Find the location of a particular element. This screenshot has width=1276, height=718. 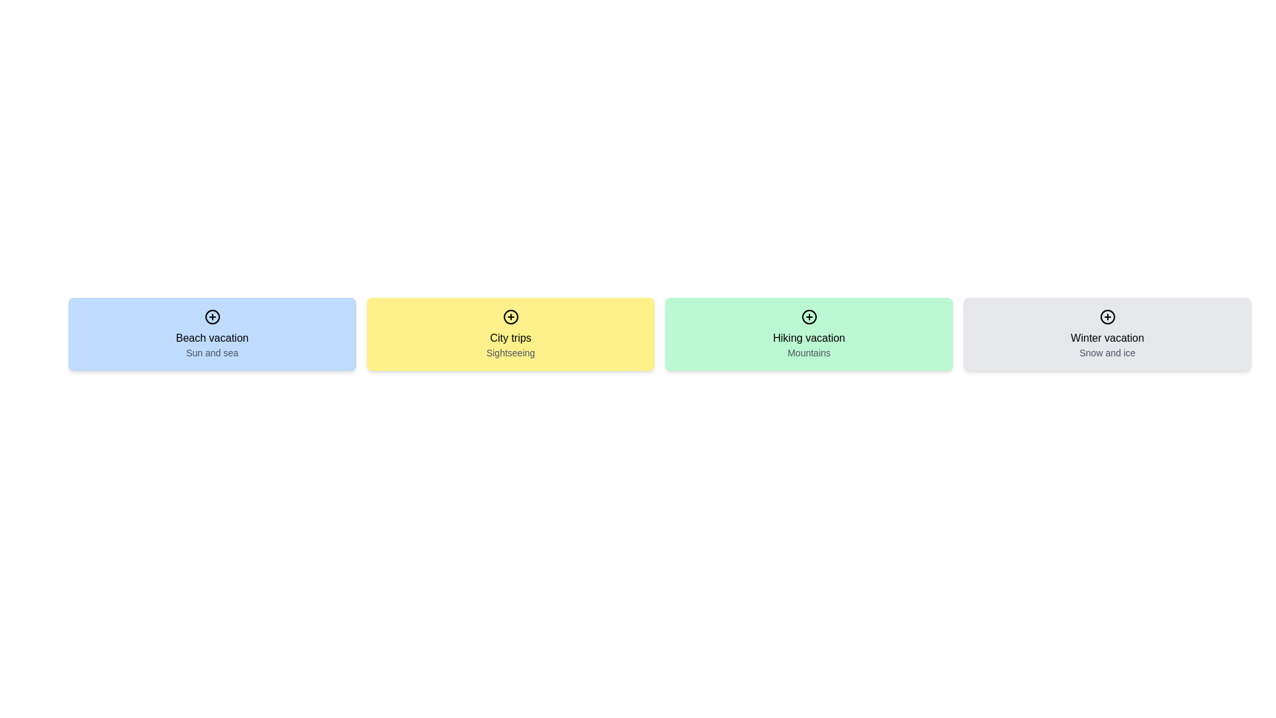

the 'City trips' static text label located in the middle-top area of the yellow card, which is the second card in a horizontal sequence of four cards is located at coordinates (510, 338).